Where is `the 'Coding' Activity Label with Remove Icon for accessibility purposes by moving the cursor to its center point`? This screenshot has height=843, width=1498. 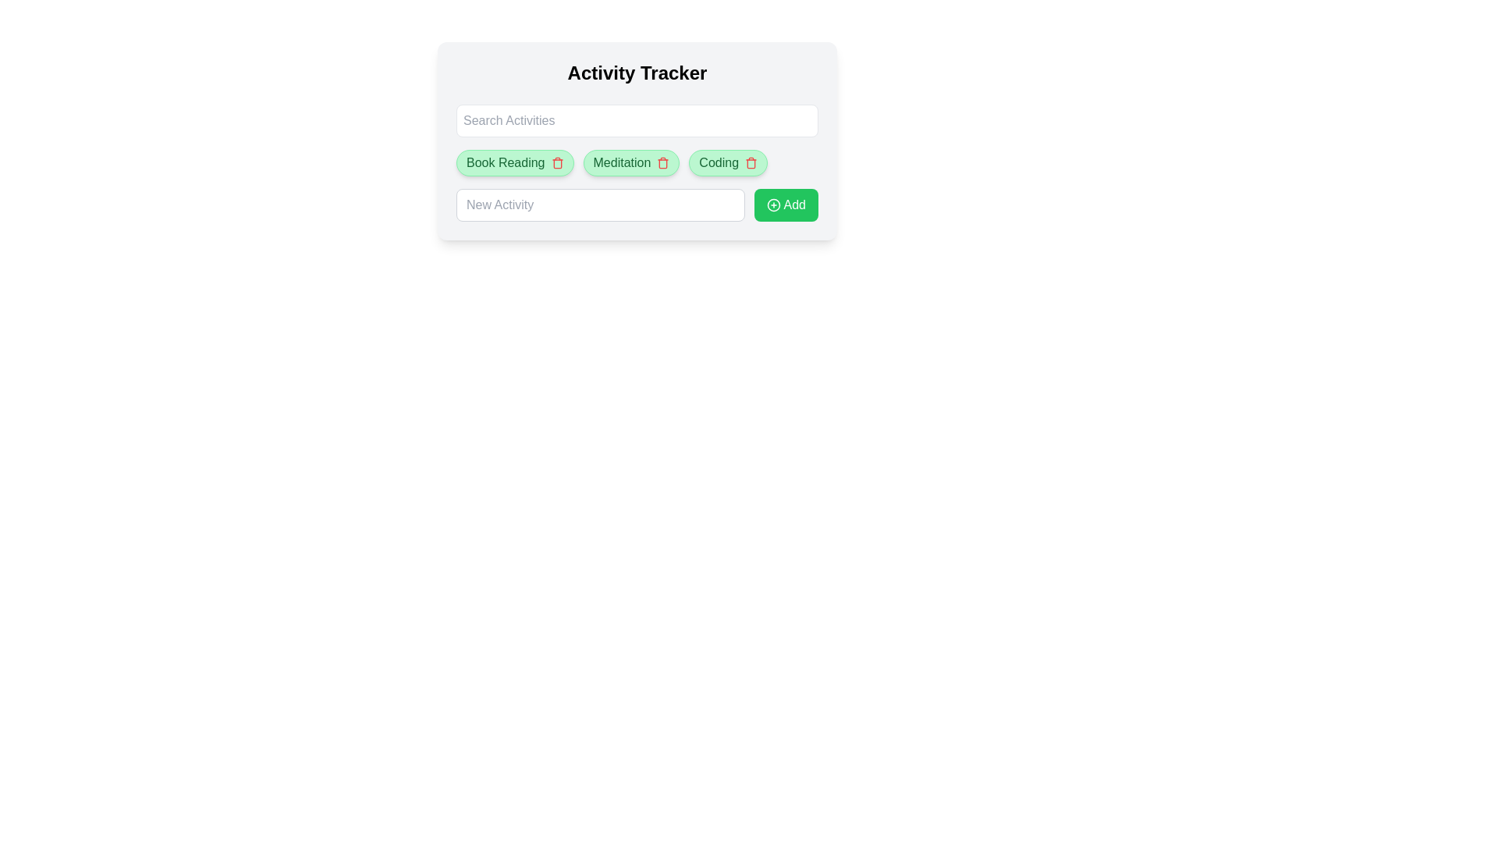
the 'Coding' Activity Label with Remove Icon for accessibility purposes by moving the cursor to its center point is located at coordinates (727, 162).